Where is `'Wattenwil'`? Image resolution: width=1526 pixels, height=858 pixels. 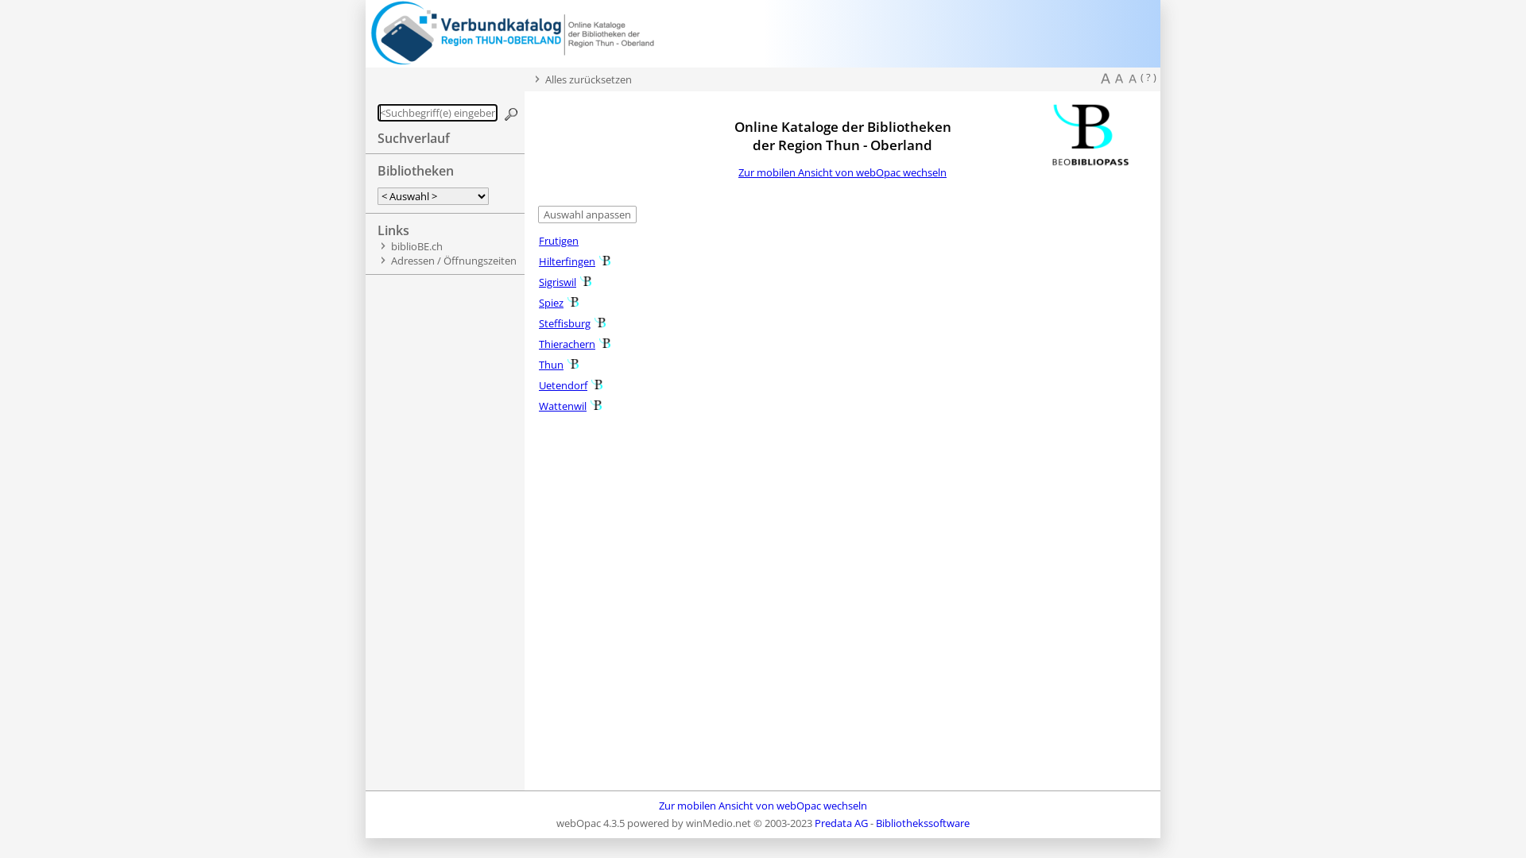
'Wattenwil' is located at coordinates (538, 404).